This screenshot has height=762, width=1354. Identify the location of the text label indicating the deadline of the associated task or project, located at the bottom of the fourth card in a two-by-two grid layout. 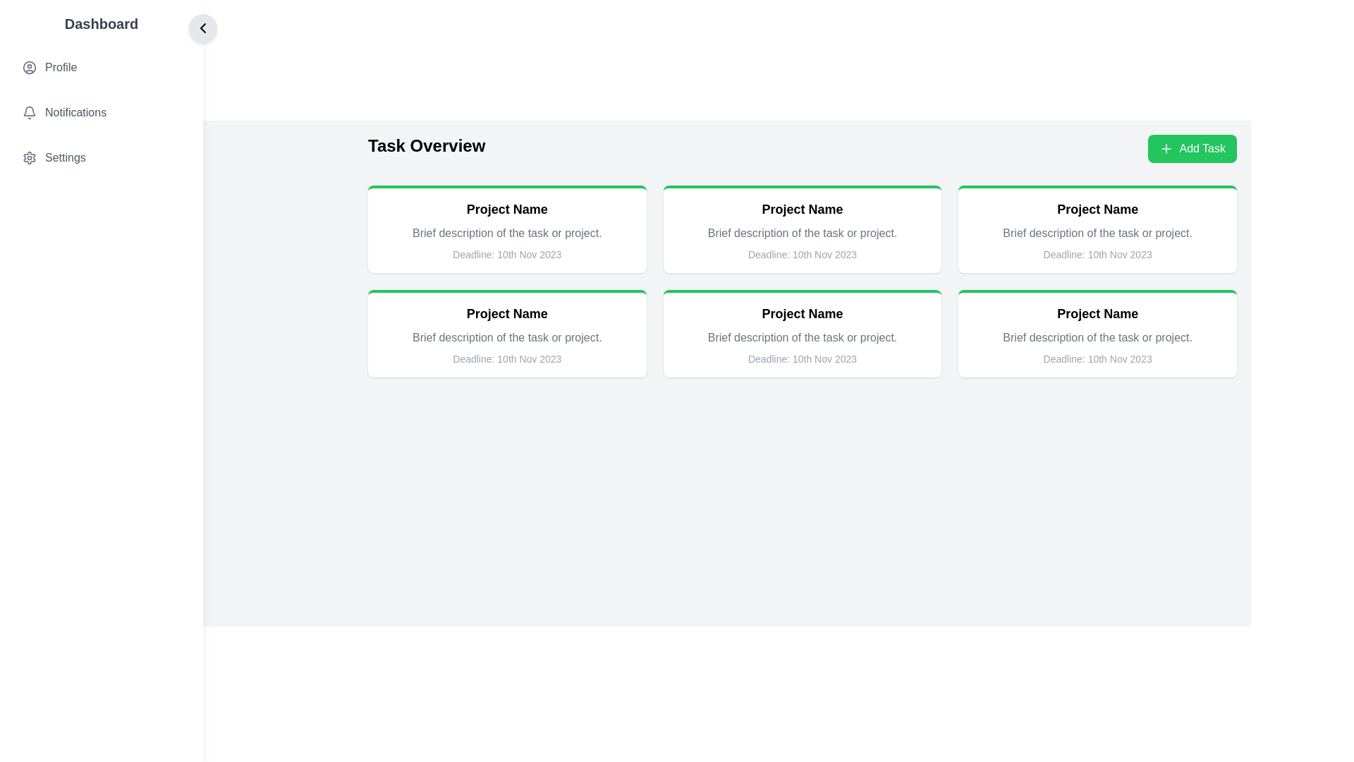
(1097, 358).